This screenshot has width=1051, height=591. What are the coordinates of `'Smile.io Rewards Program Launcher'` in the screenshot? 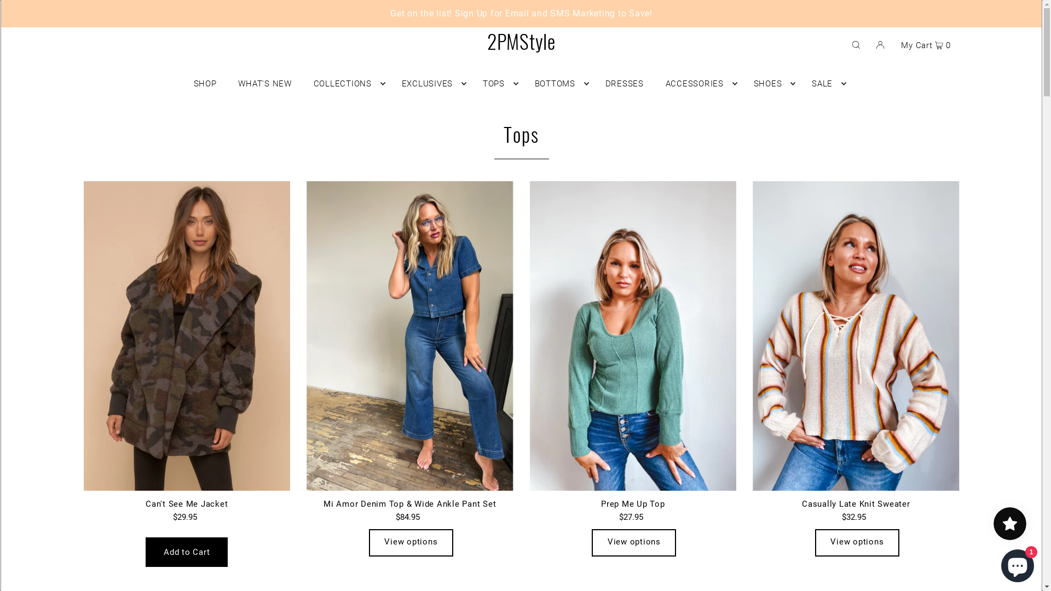 It's located at (1009, 523).